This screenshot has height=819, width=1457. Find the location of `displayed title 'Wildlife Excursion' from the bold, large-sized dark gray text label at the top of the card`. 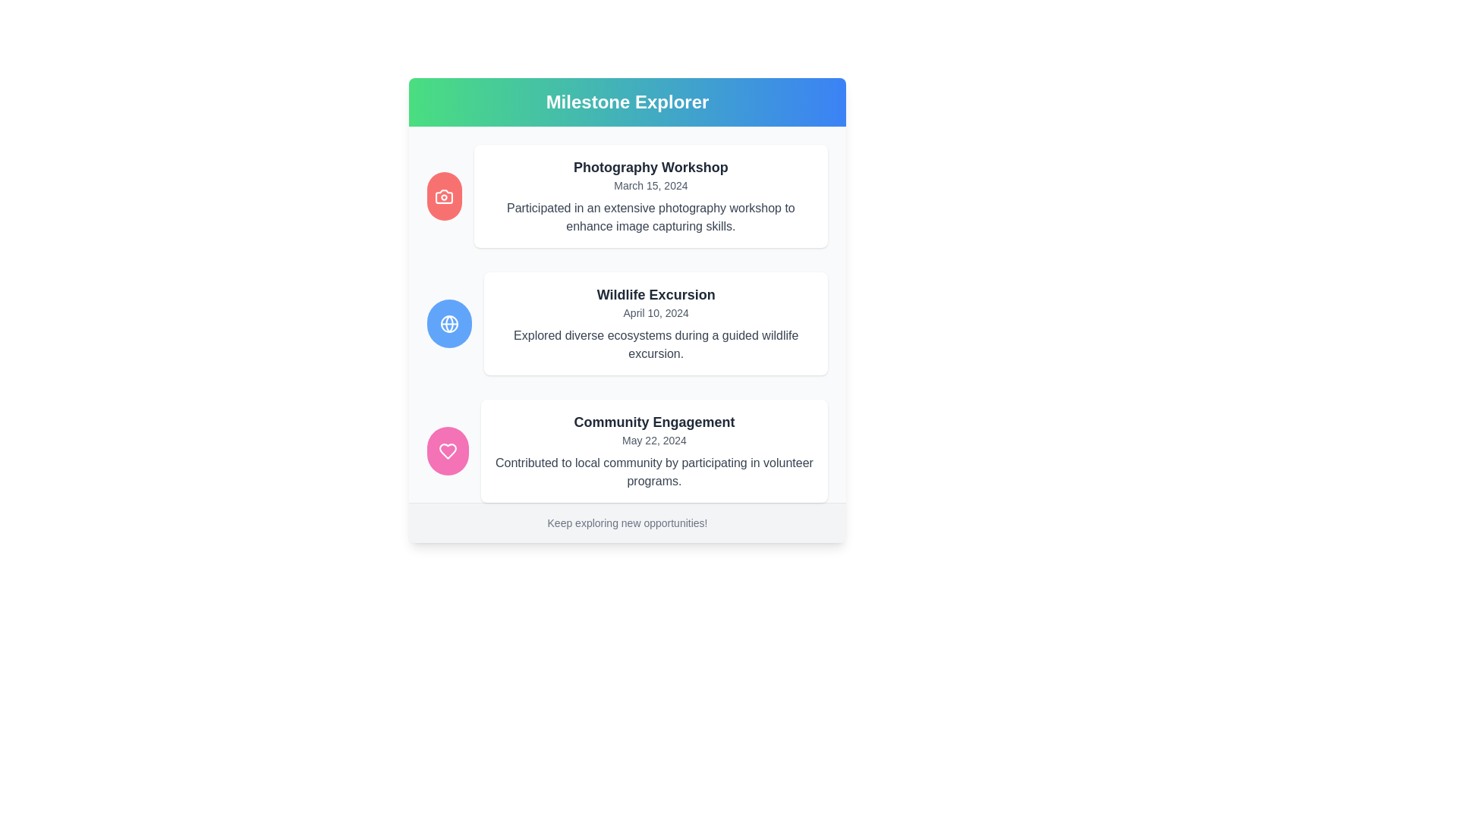

displayed title 'Wildlife Excursion' from the bold, large-sized dark gray text label at the top of the card is located at coordinates (656, 295).